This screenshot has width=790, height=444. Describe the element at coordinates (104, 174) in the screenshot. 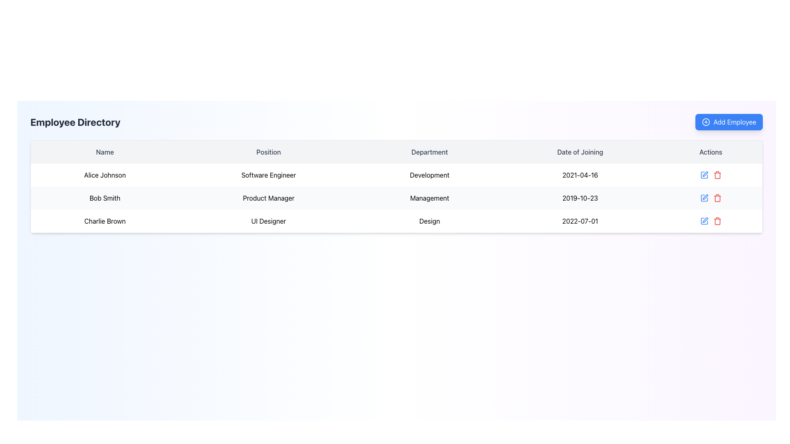

I see `the static text label 'Alice Johnson' located in the leftmost column of a table row` at that location.